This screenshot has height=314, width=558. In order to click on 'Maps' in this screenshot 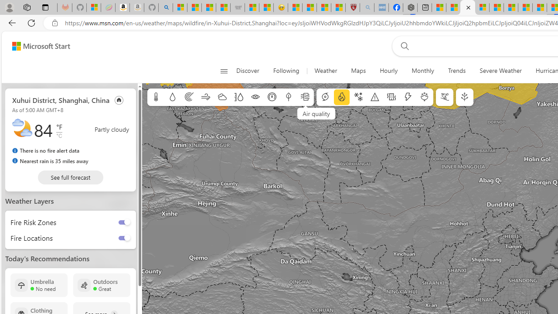, I will do `click(358, 71)`.